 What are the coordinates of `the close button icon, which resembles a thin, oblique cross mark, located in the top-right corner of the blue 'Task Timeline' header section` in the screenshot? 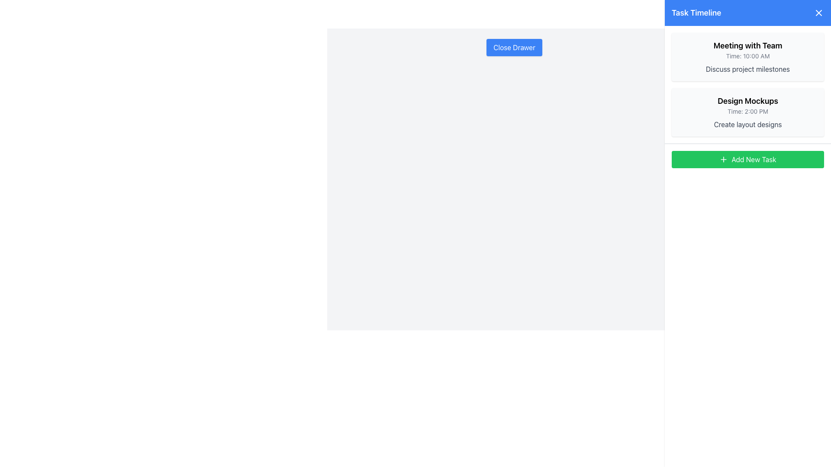 It's located at (818, 13).